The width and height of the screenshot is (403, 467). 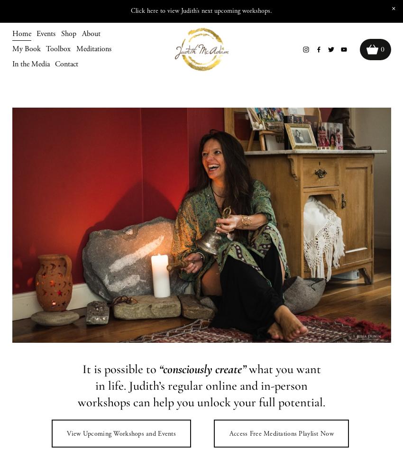 What do you see at coordinates (66, 64) in the screenshot?
I see `'Contact'` at bounding box center [66, 64].